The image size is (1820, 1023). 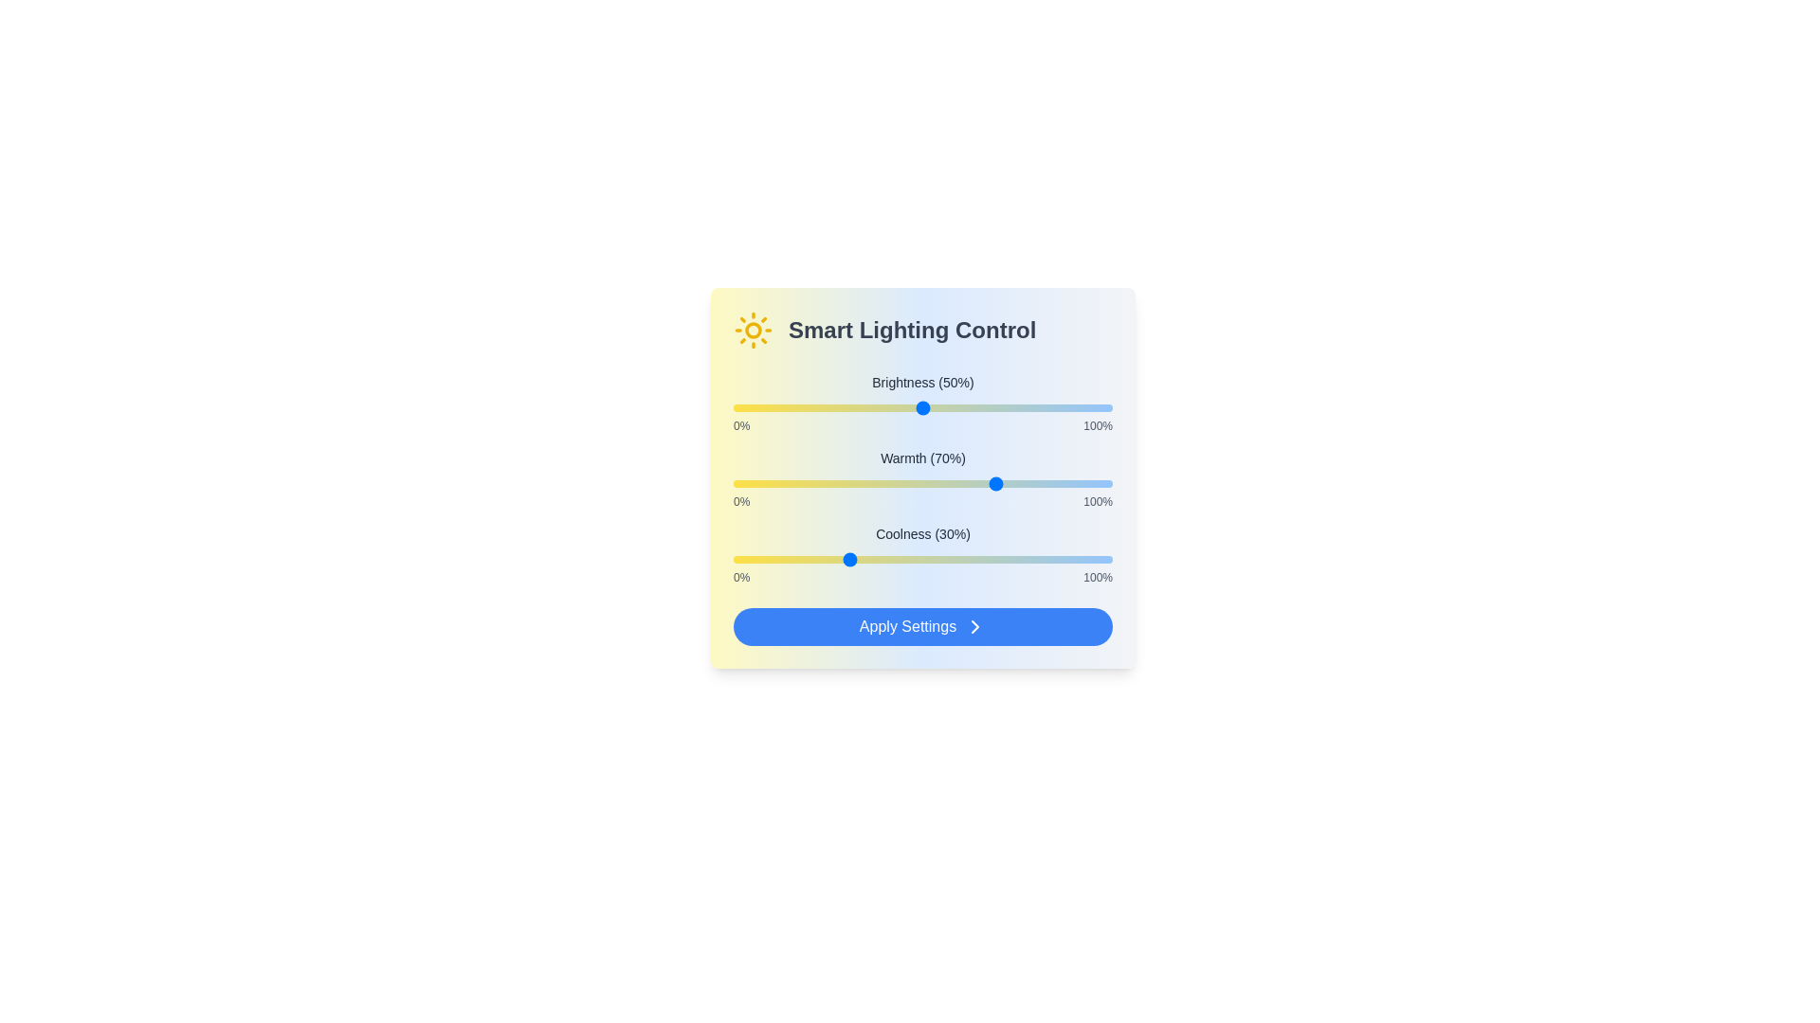 What do you see at coordinates (1067, 482) in the screenshot?
I see `the Warmth slider to 88%` at bounding box center [1067, 482].